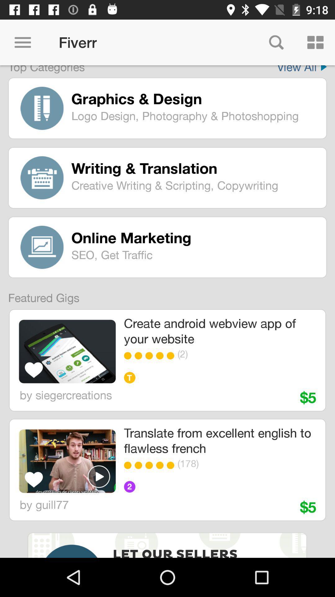 This screenshot has height=597, width=335. Describe the element at coordinates (219, 440) in the screenshot. I see `item below $5 icon` at that location.